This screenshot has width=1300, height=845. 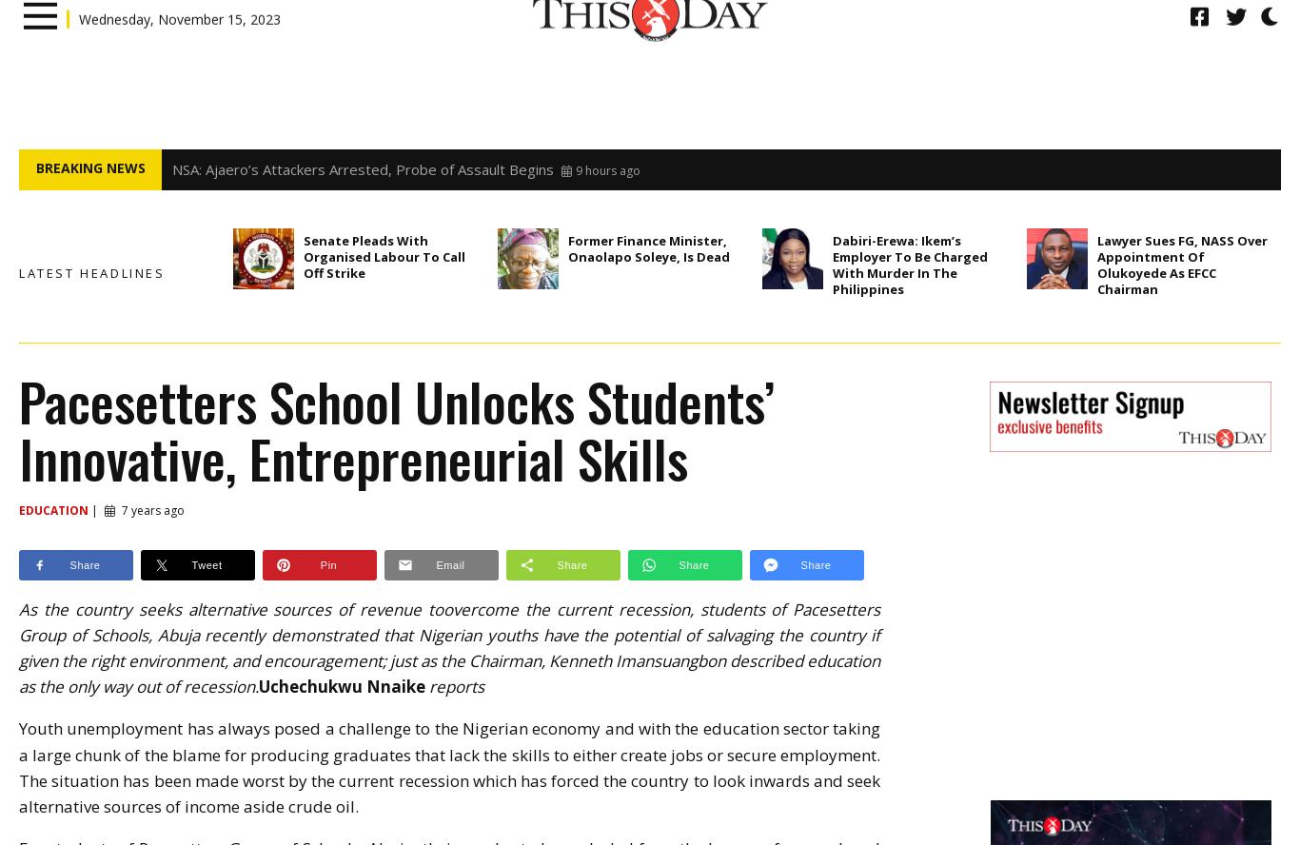 I want to click on 'Wednesday, November 15, 2023', so click(x=179, y=50).